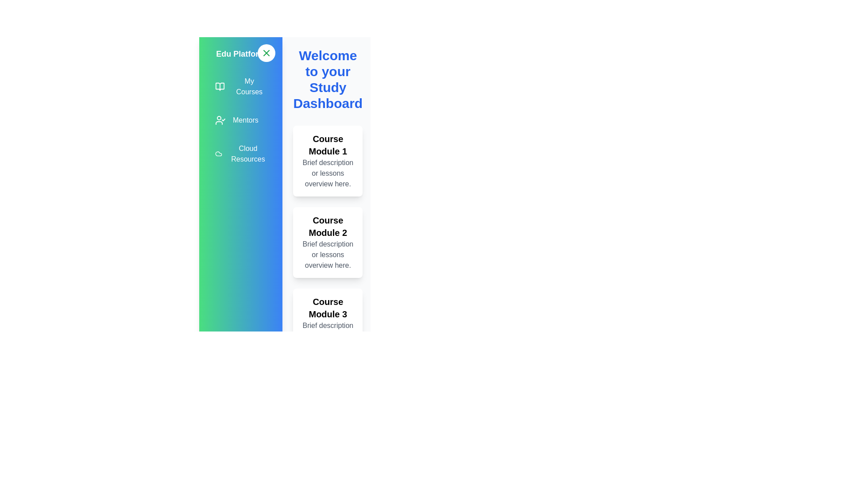  I want to click on the menu item Mentors to observe the hover effect, so click(240, 120).